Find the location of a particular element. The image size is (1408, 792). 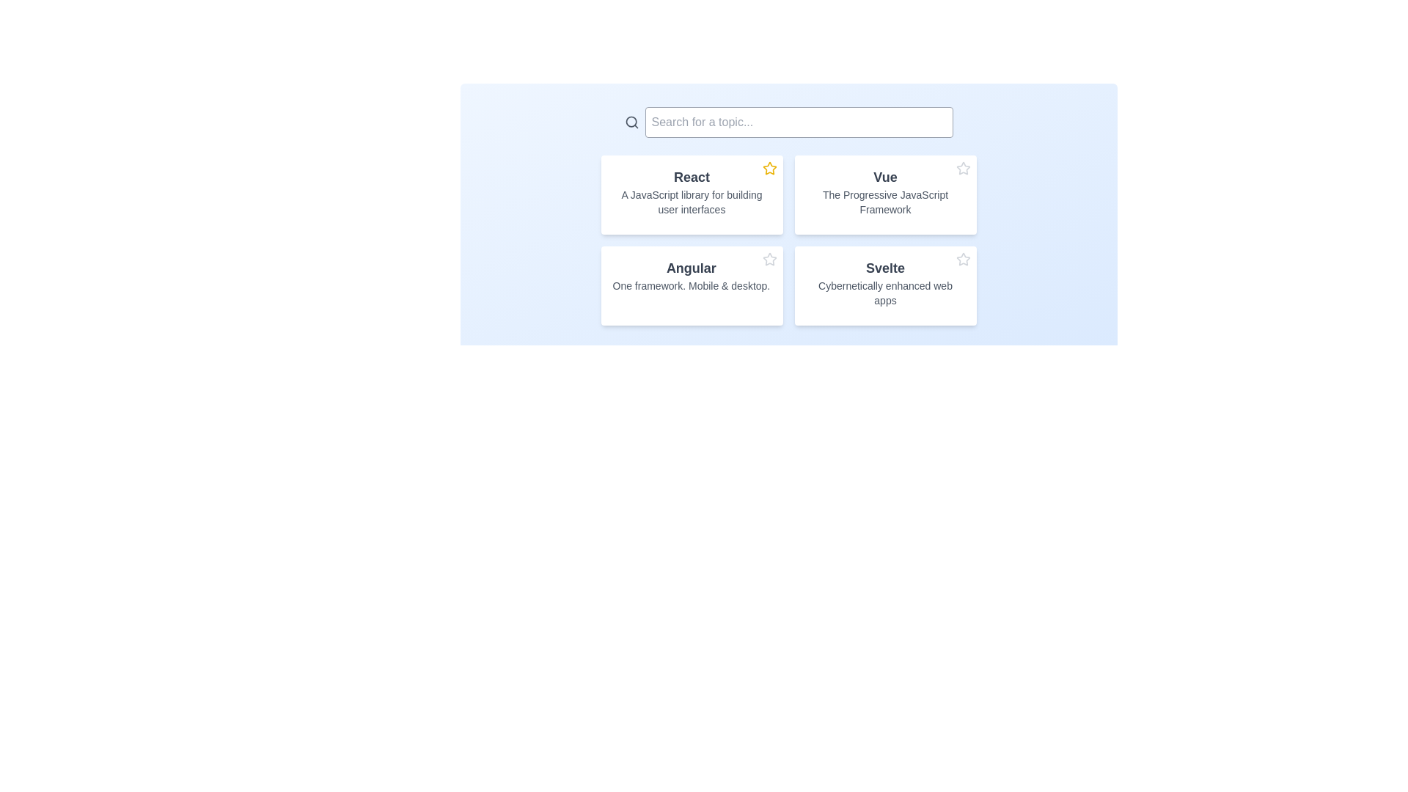

the star icon located at the top-right corner of the 'React' card is located at coordinates (769, 168).